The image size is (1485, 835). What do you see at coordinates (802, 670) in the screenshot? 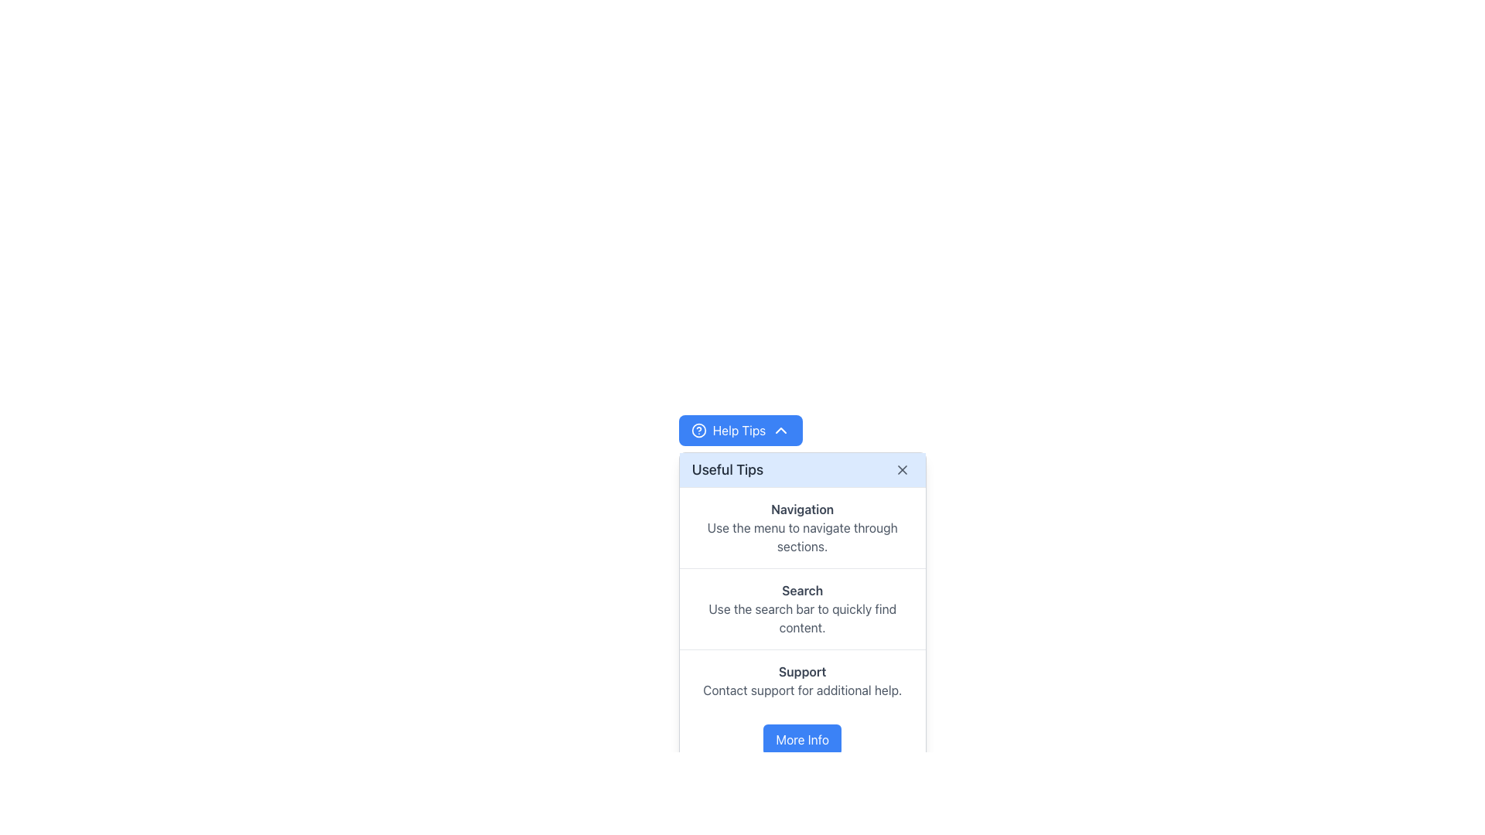
I see `the heading text element that provides context for support-related tips, located above the 'Contact support for additional help' text within the 'Useful Tips' card` at bounding box center [802, 670].